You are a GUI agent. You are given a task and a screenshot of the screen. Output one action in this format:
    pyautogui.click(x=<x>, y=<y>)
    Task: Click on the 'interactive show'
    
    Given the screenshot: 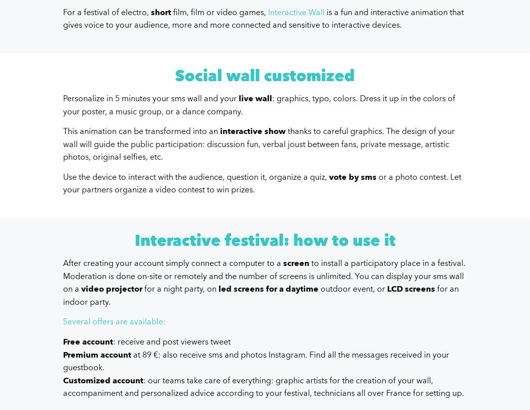 What is the action you would take?
    pyautogui.click(x=252, y=131)
    